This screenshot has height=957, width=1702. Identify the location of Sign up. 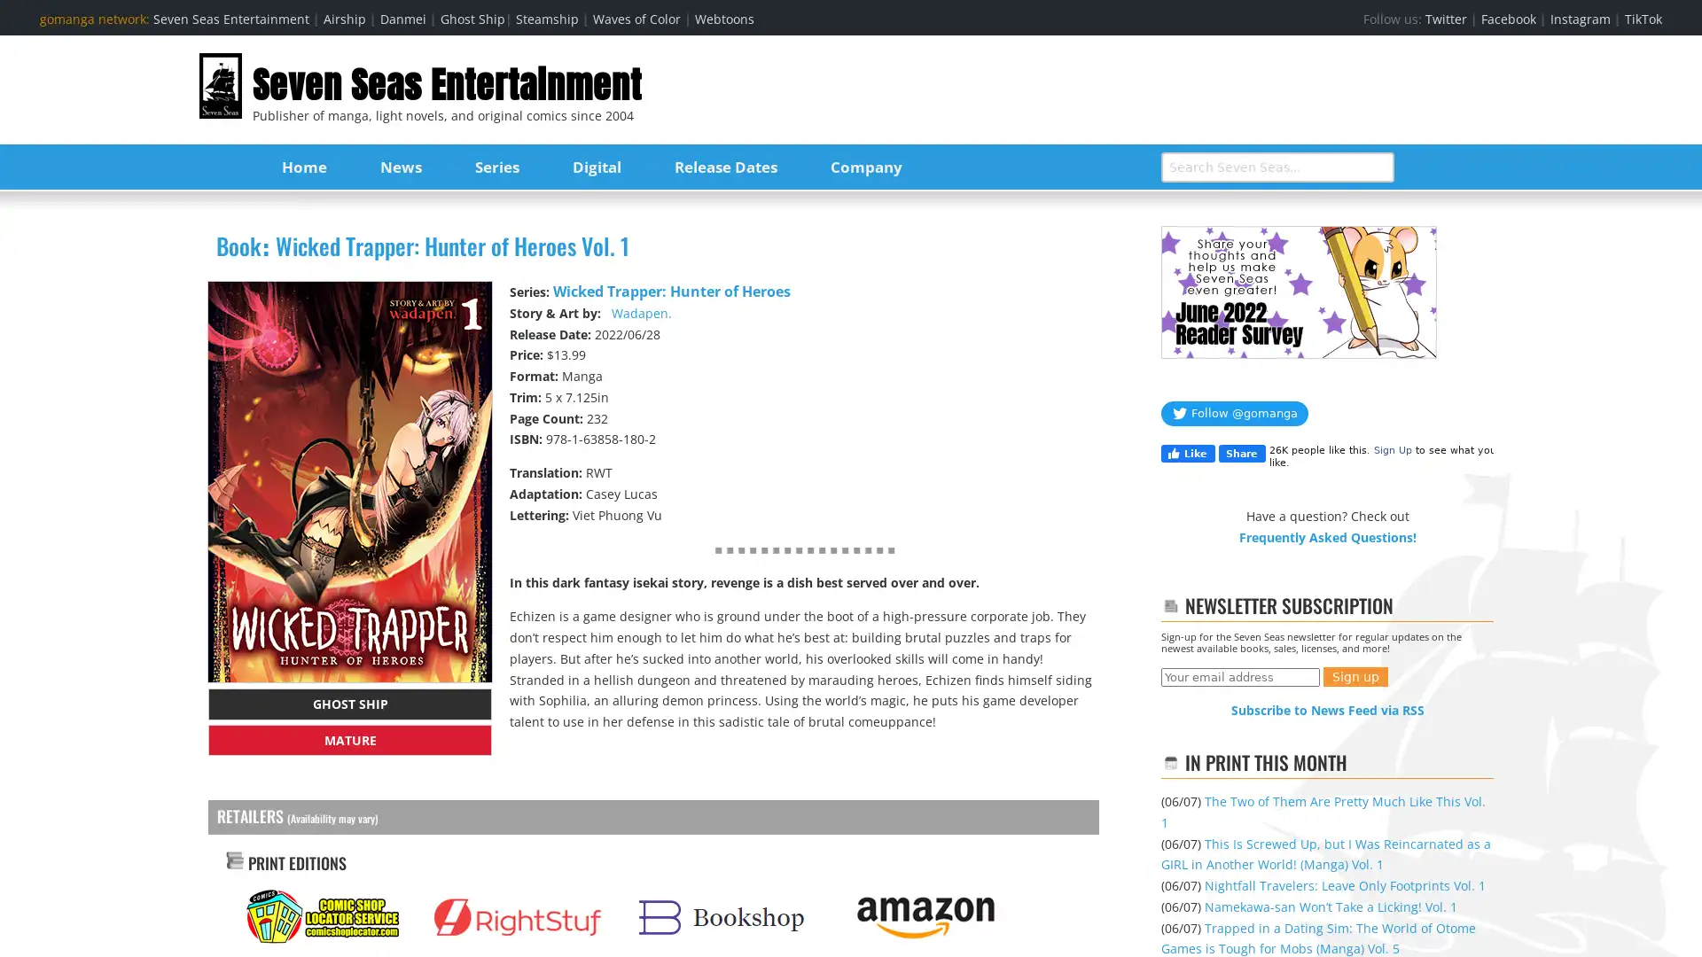
(1355, 676).